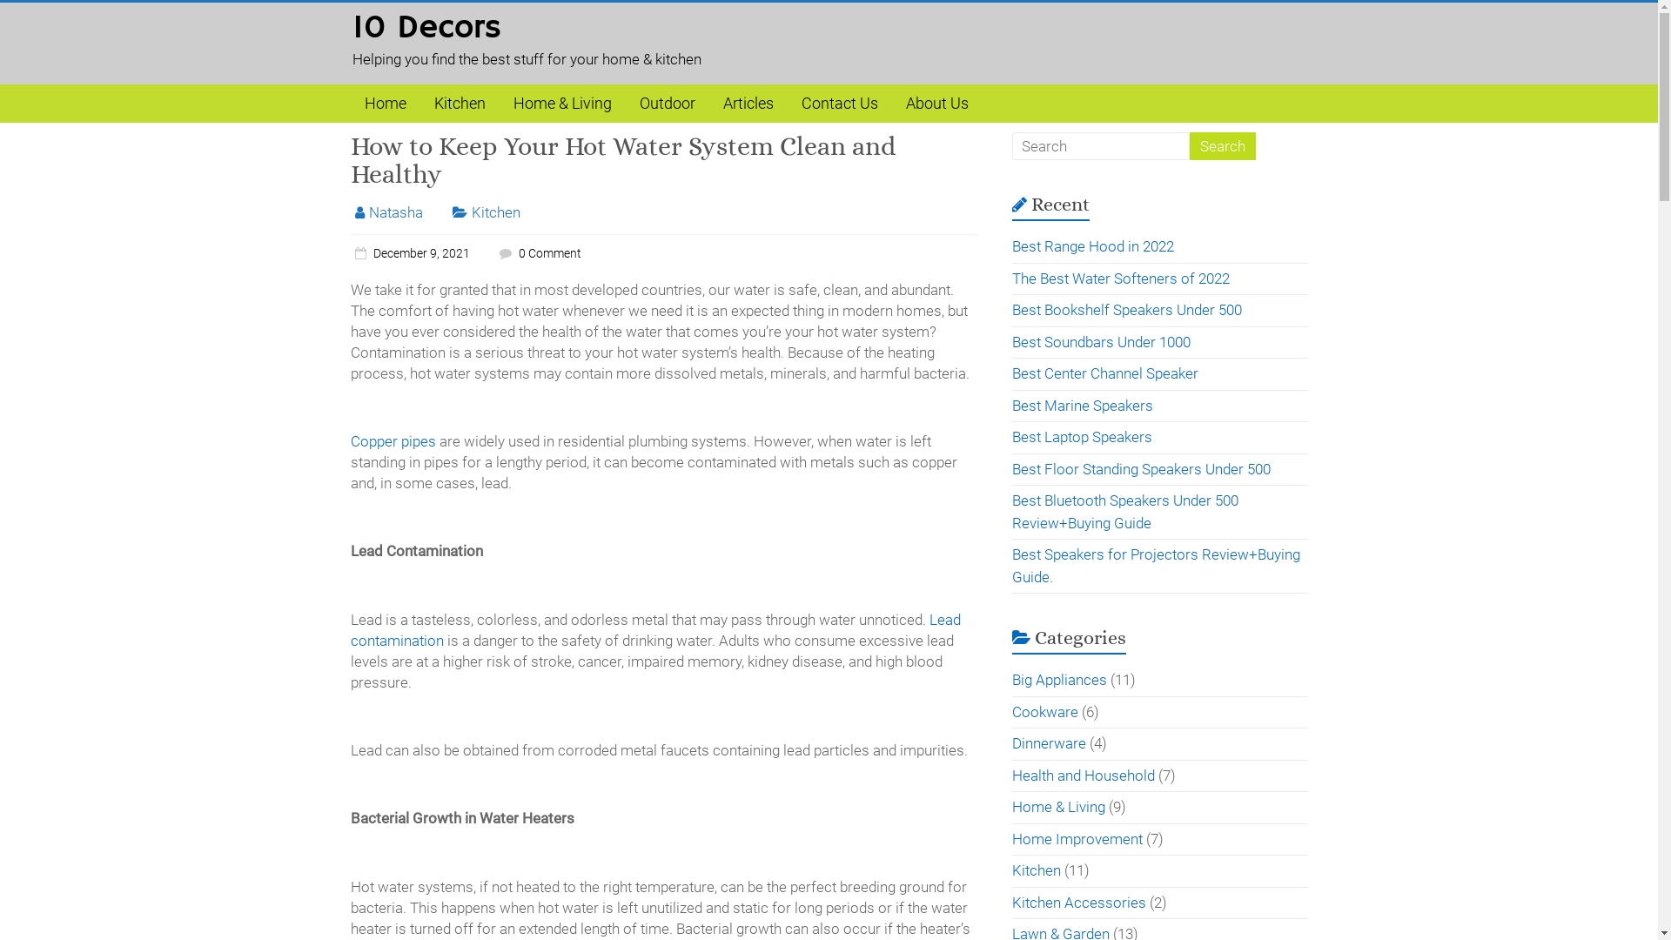 The height and width of the screenshot is (940, 1671). Describe the element at coordinates (1044, 711) in the screenshot. I see `'Cookware'` at that location.